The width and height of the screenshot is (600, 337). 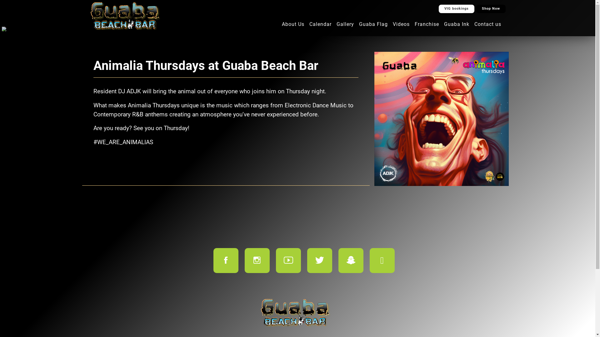 What do you see at coordinates (456, 9) in the screenshot?
I see `'VIG bookings'` at bounding box center [456, 9].